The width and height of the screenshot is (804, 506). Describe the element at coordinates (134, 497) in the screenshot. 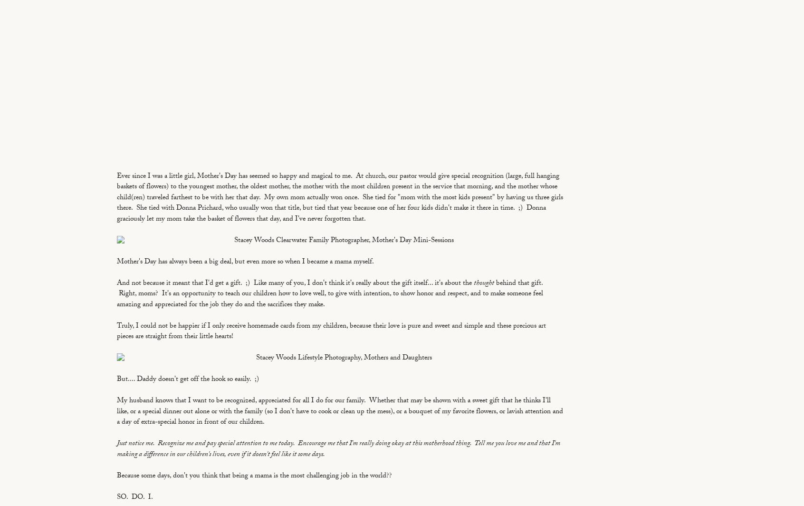

I see `'SO.  DO.  I.'` at that location.